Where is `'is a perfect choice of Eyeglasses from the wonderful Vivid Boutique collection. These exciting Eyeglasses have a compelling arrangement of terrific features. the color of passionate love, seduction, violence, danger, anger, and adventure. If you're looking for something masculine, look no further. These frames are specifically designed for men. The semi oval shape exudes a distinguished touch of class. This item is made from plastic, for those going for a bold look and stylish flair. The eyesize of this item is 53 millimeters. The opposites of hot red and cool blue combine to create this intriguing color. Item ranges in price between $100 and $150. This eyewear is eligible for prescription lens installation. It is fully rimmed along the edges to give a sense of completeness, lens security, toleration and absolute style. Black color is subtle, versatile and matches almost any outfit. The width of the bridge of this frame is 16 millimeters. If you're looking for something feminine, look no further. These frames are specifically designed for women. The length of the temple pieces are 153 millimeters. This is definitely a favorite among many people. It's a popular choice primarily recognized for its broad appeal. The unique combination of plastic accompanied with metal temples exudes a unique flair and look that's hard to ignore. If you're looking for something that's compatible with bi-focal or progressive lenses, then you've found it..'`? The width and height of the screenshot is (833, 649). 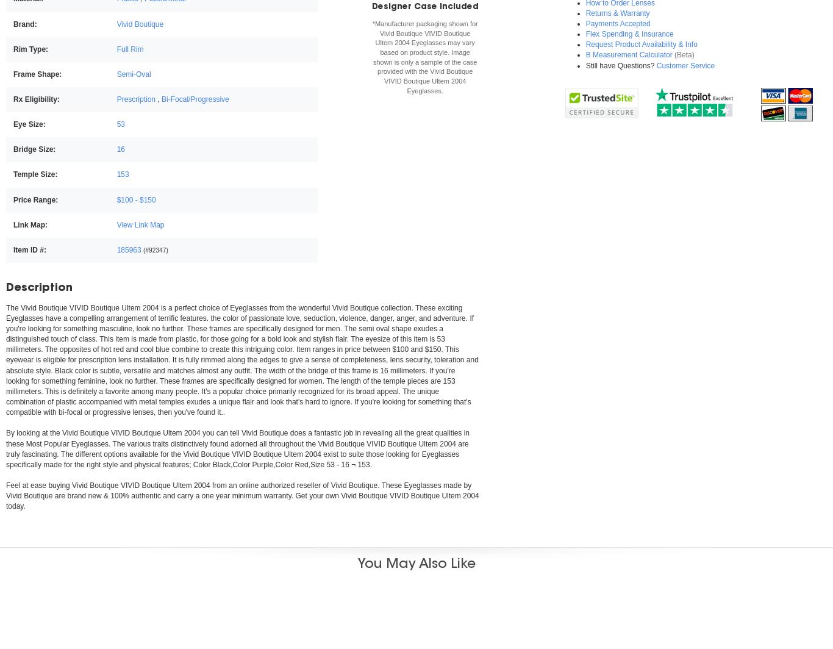 'is a perfect choice of Eyeglasses from the wonderful Vivid Boutique collection. These exciting Eyeglasses have a compelling arrangement of terrific features. the color of passionate love, seduction, violence, danger, anger, and adventure. If you're looking for something masculine, look no further. These frames are specifically designed for men. The semi oval shape exudes a distinguished touch of class. This item is made from plastic, for those going for a bold look and stylish flair. The eyesize of this item is 53 millimeters. The opposites of hot red and cool blue combine to create this intriguing color. Item ranges in price between $100 and $150. This eyewear is eligible for prescription lens installation. It is fully rimmed along the edges to give a sense of completeness, lens security, toleration and absolute style. Black color is subtle, versatile and matches almost any outfit. The width of the bridge of this frame is 16 millimeters. If you're looking for something feminine, look no further. These frames are specifically designed for women. The length of the temple pieces are 153 millimeters. This is definitely a favorite among many people. It's a popular choice primarily recognized for its broad appeal. The unique combination of plastic accompanied with metal temples exudes a unique flair and look that's hard to ignore. If you're looking for something that's compatible with bi-focal or progressive lenses, then you've found it..' is located at coordinates (241, 359).